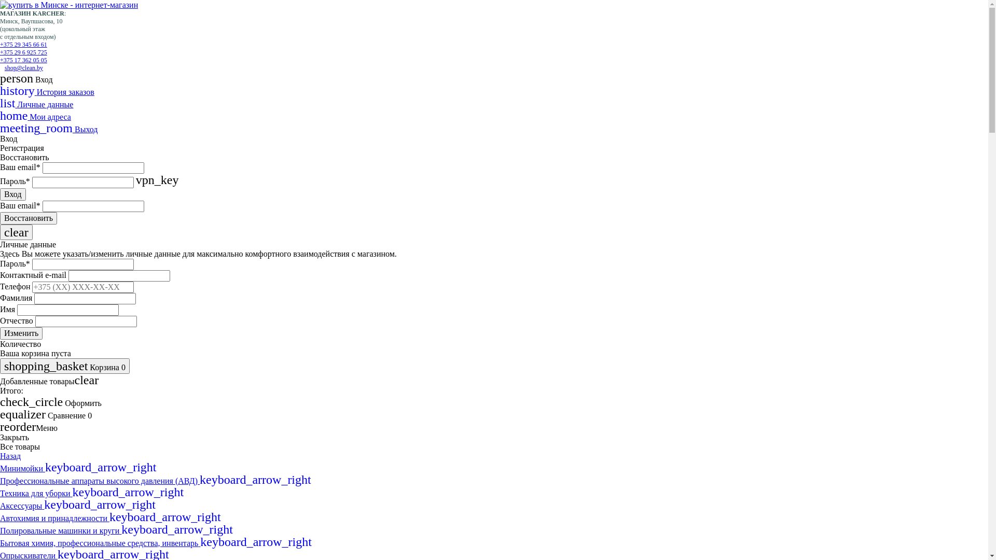  Describe the element at coordinates (0, 60) in the screenshot. I see `'+375 17 362 05 05'` at that location.